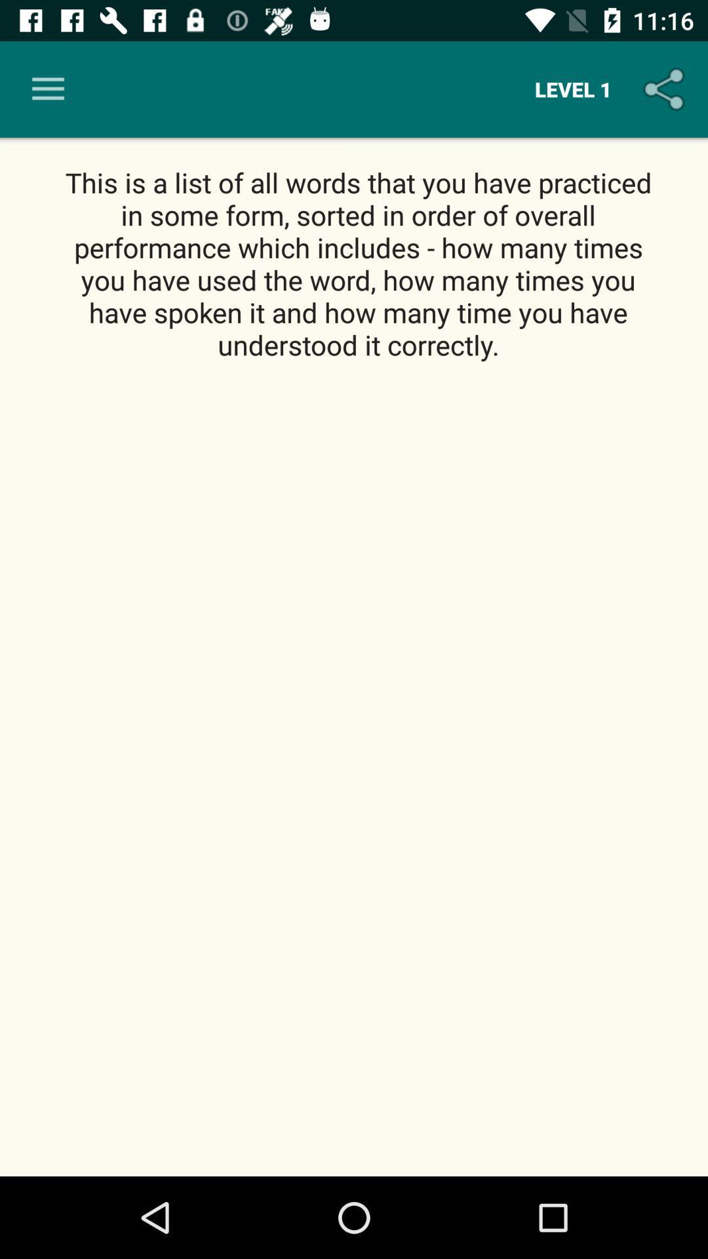 The image size is (708, 1259). I want to click on icon above the this is a, so click(47, 89).